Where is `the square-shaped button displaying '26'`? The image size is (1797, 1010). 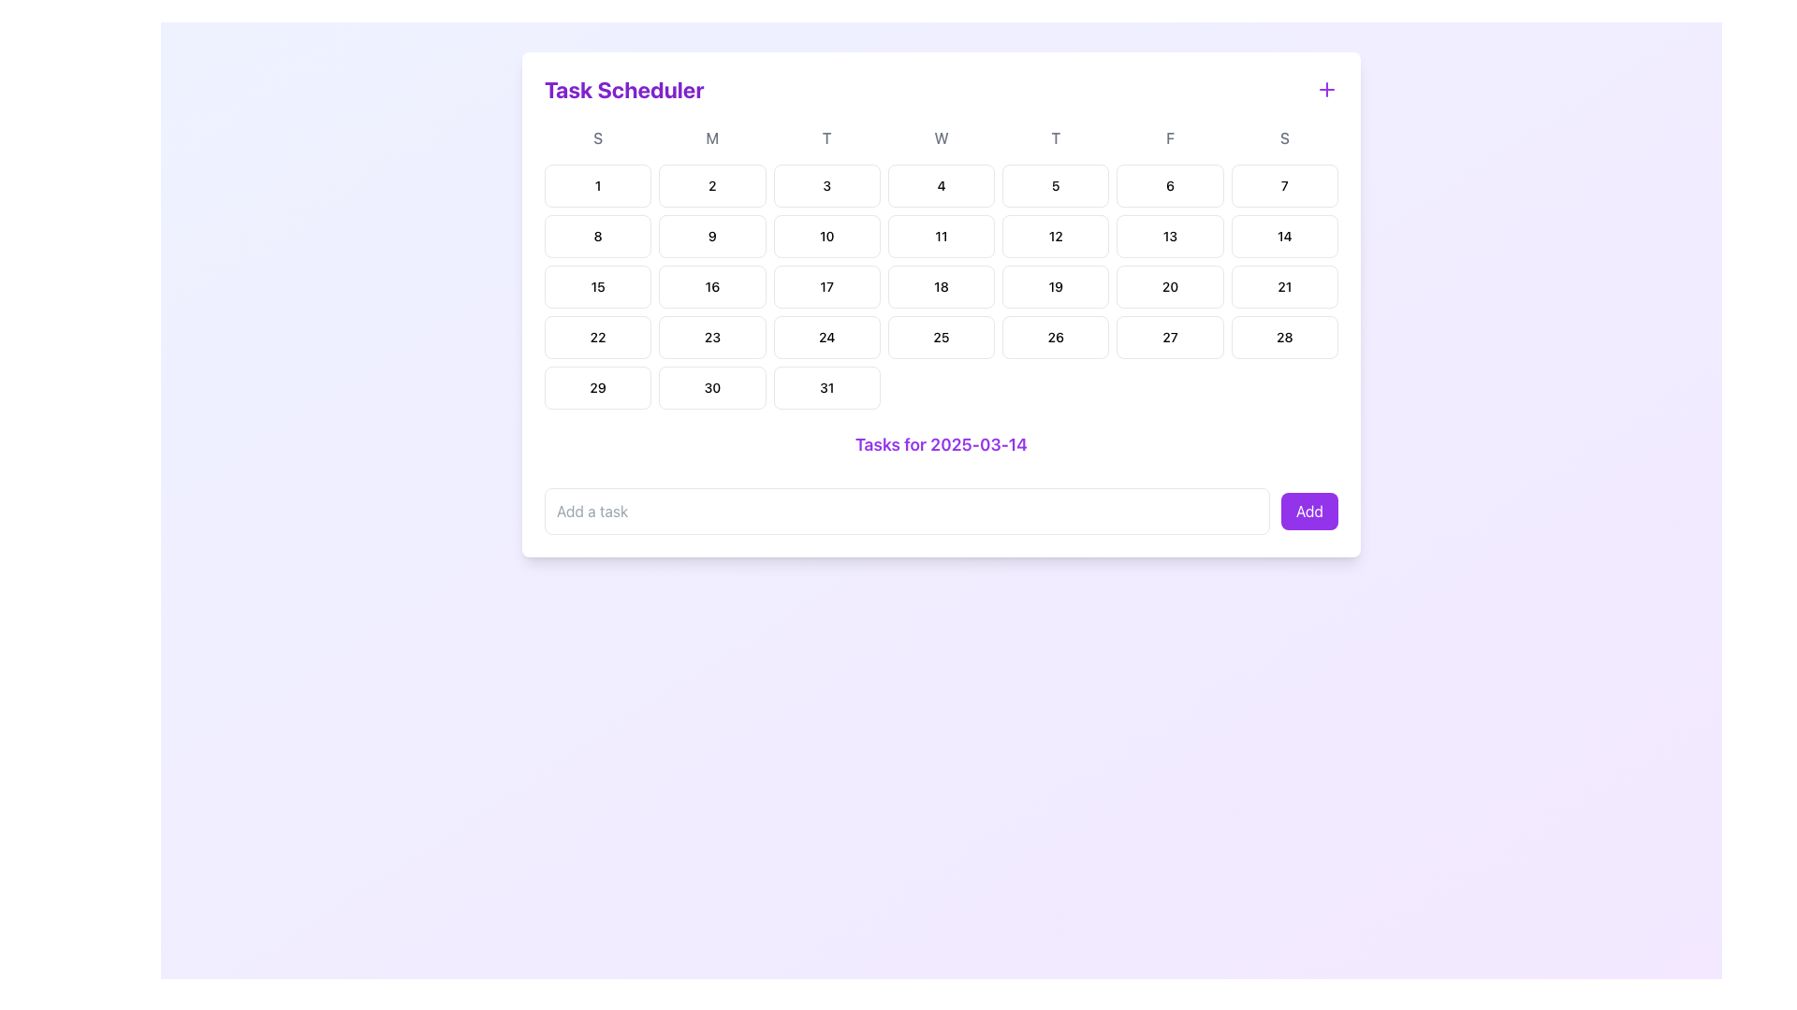
the square-shaped button displaying '26' is located at coordinates (1056, 338).